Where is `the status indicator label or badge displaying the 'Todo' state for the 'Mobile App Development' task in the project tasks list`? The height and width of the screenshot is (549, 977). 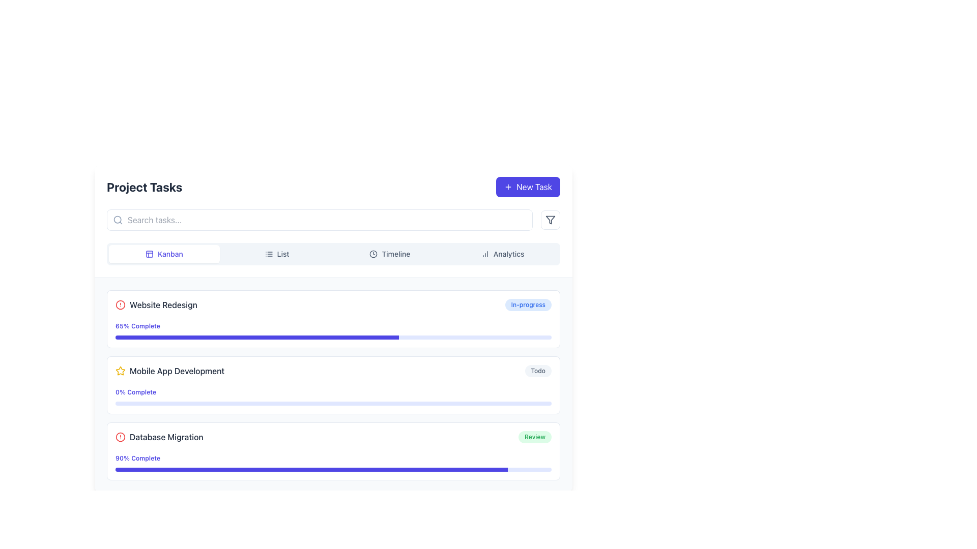
the status indicator label or badge displaying the 'Todo' state for the 'Mobile App Development' task in the project tasks list is located at coordinates (537, 371).